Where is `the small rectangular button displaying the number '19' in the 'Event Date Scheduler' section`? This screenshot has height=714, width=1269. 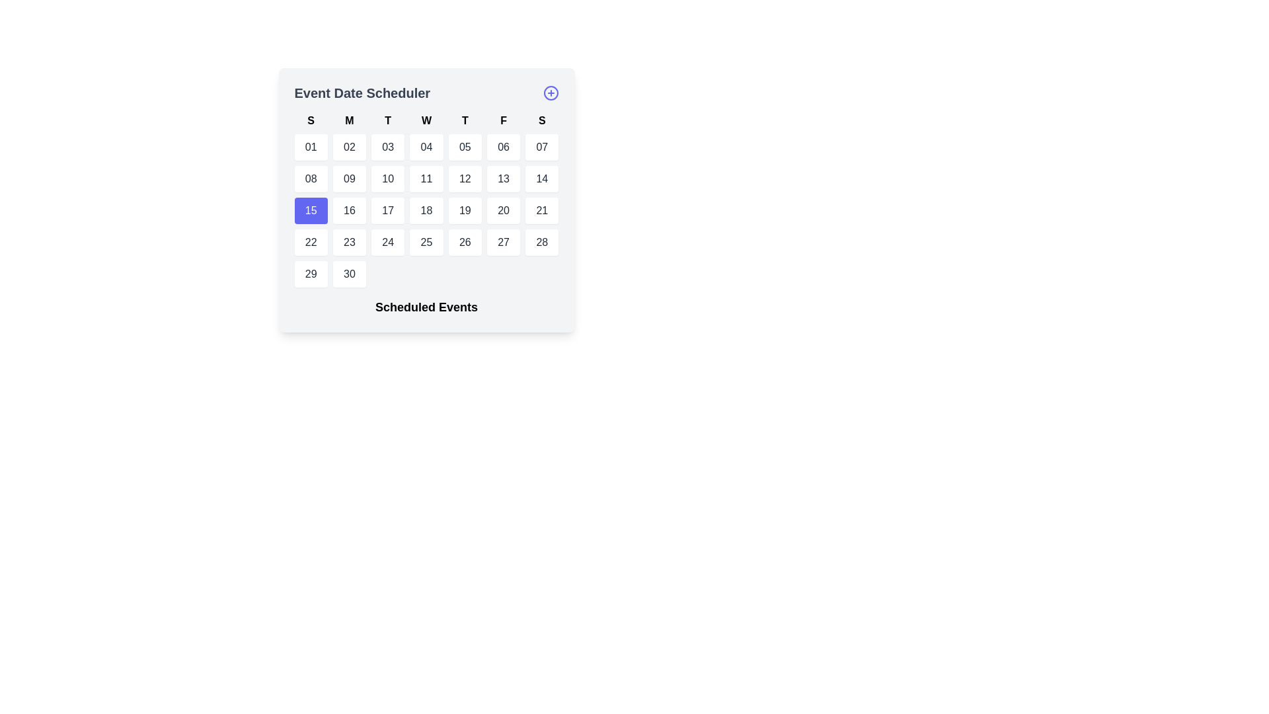
the small rectangular button displaying the number '19' in the 'Event Date Scheduler' section is located at coordinates (465, 210).